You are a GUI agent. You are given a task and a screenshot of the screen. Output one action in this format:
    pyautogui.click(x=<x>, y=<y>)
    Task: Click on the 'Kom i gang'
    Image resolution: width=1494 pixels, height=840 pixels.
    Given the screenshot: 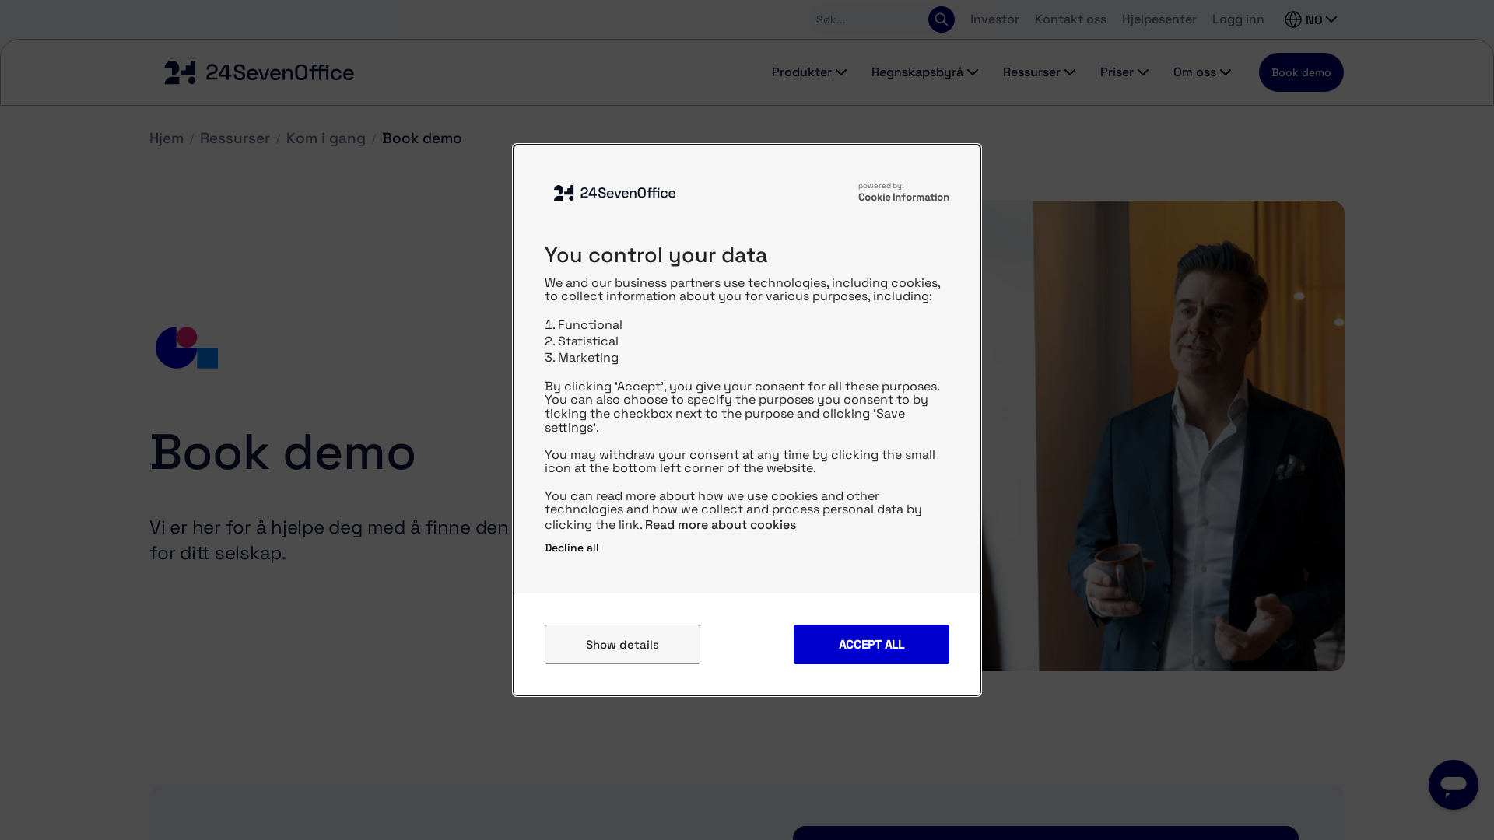 What is the action you would take?
    pyautogui.click(x=286, y=137)
    